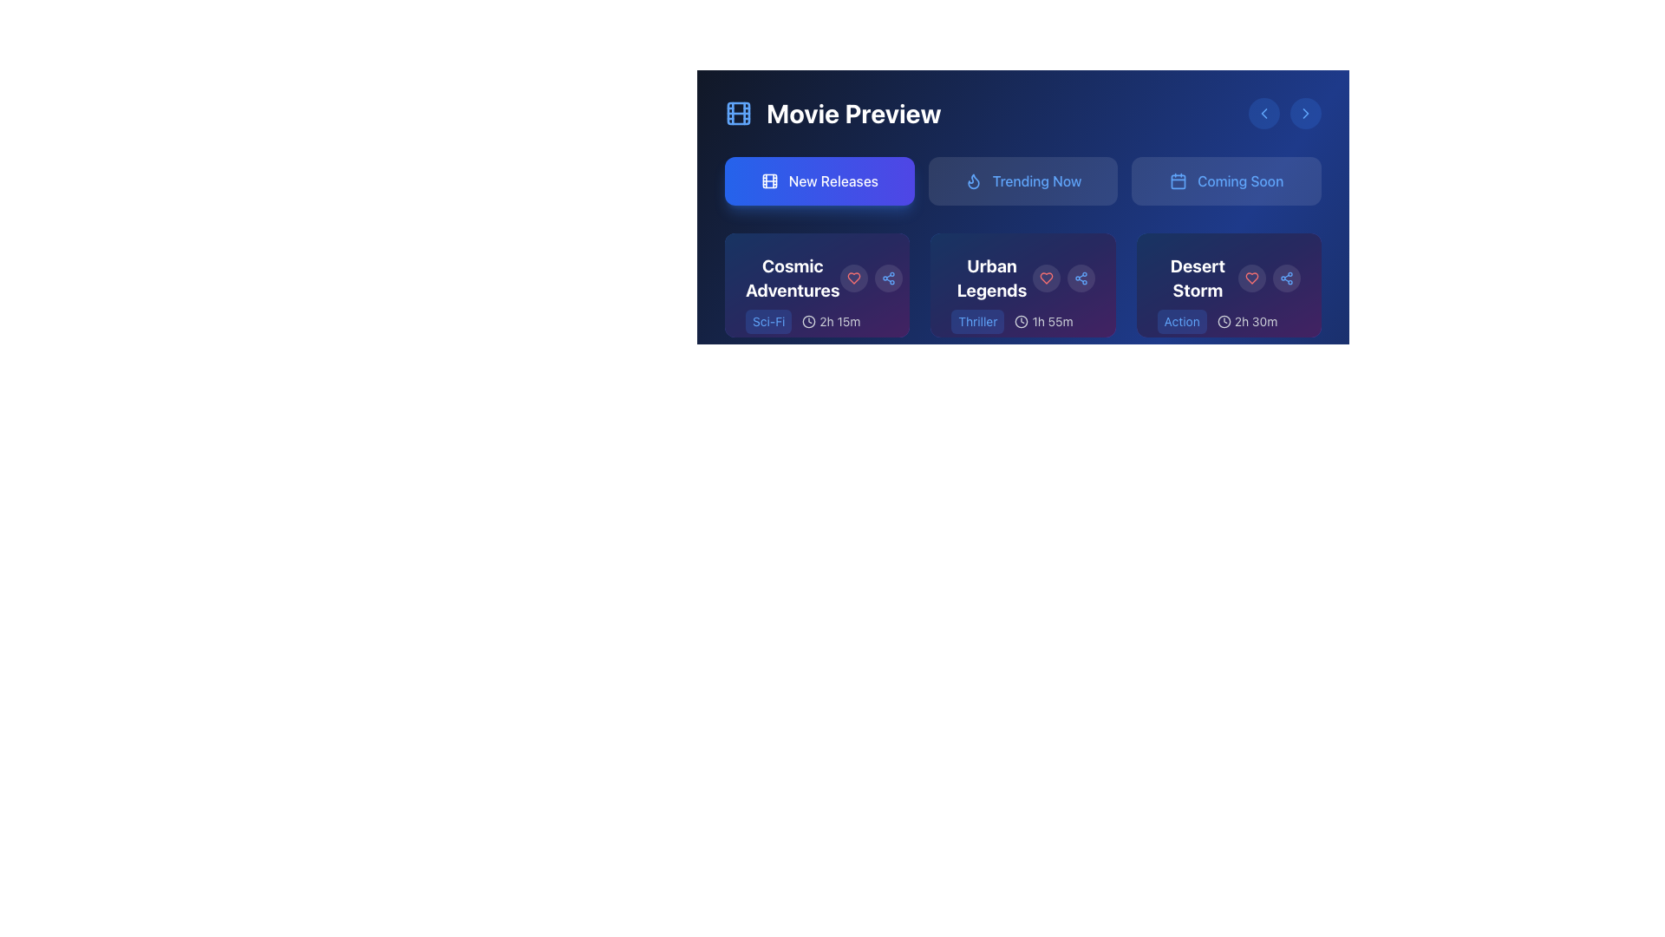 Image resolution: width=1665 pixels, height=937 pixels. Describe the element at coordinates (1080, 277) in the screenshot. I see `the 'Share' button located immediately to the right of the heart-shaped button in the 'Urban Legends' movie card` at that location.